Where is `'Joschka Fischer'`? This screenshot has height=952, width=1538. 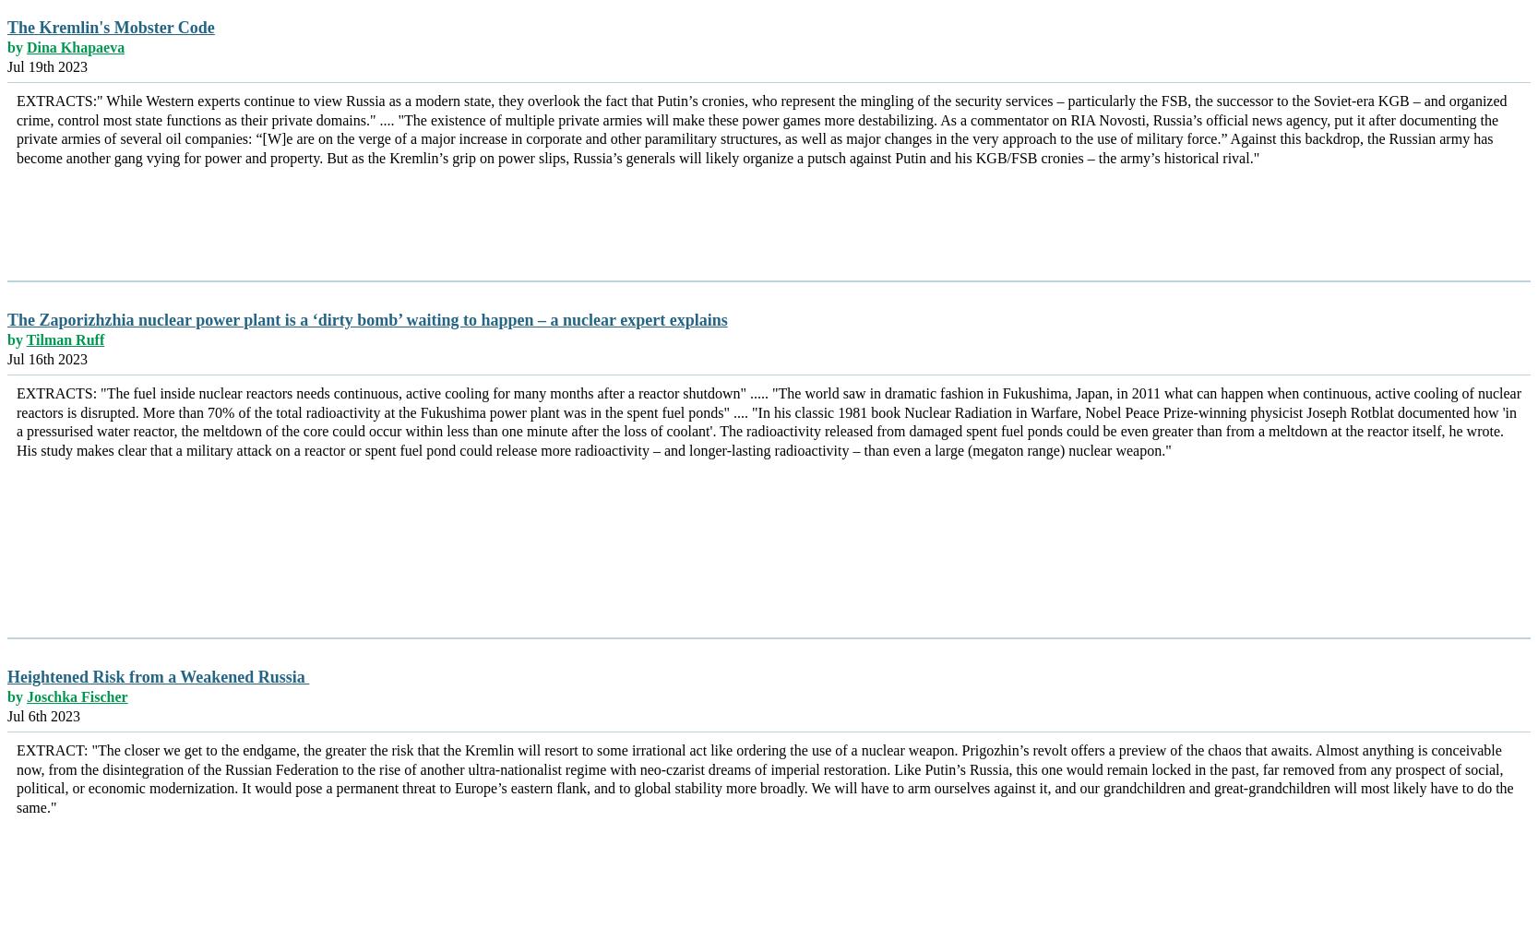 'Joschka Fischer' is located at coordinates (26, 696).